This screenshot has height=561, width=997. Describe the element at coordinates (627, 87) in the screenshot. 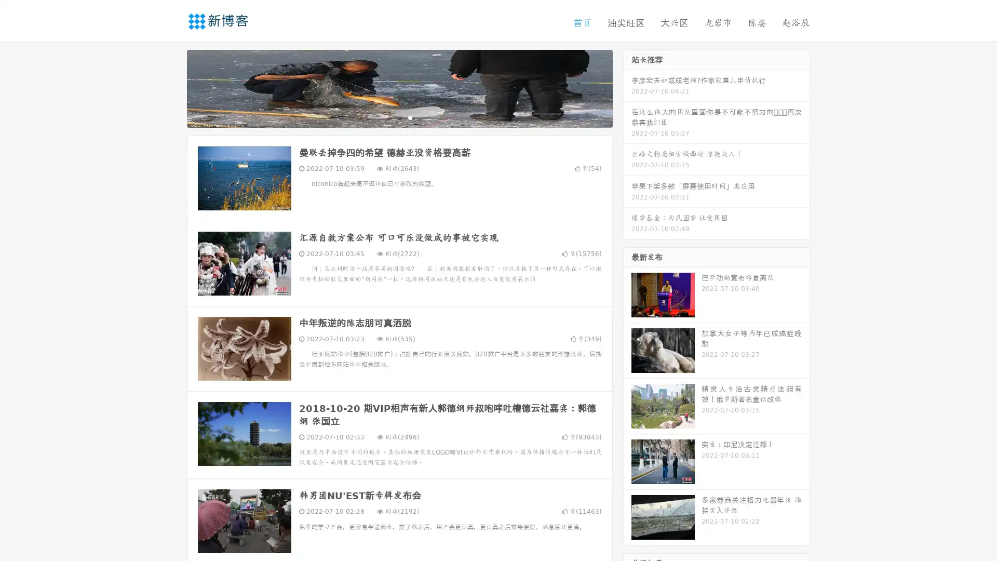

I see `Next slide` at that location.